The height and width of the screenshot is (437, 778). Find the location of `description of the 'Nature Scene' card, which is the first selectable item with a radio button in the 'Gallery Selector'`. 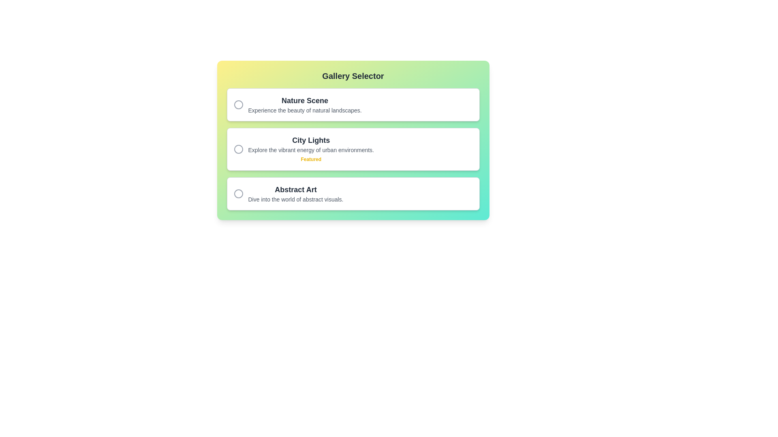

description of the 'Nature Scene' card, which is the first selectable item with a radio button in the 'Gallery Selector' is located at coordinates (353, 104).